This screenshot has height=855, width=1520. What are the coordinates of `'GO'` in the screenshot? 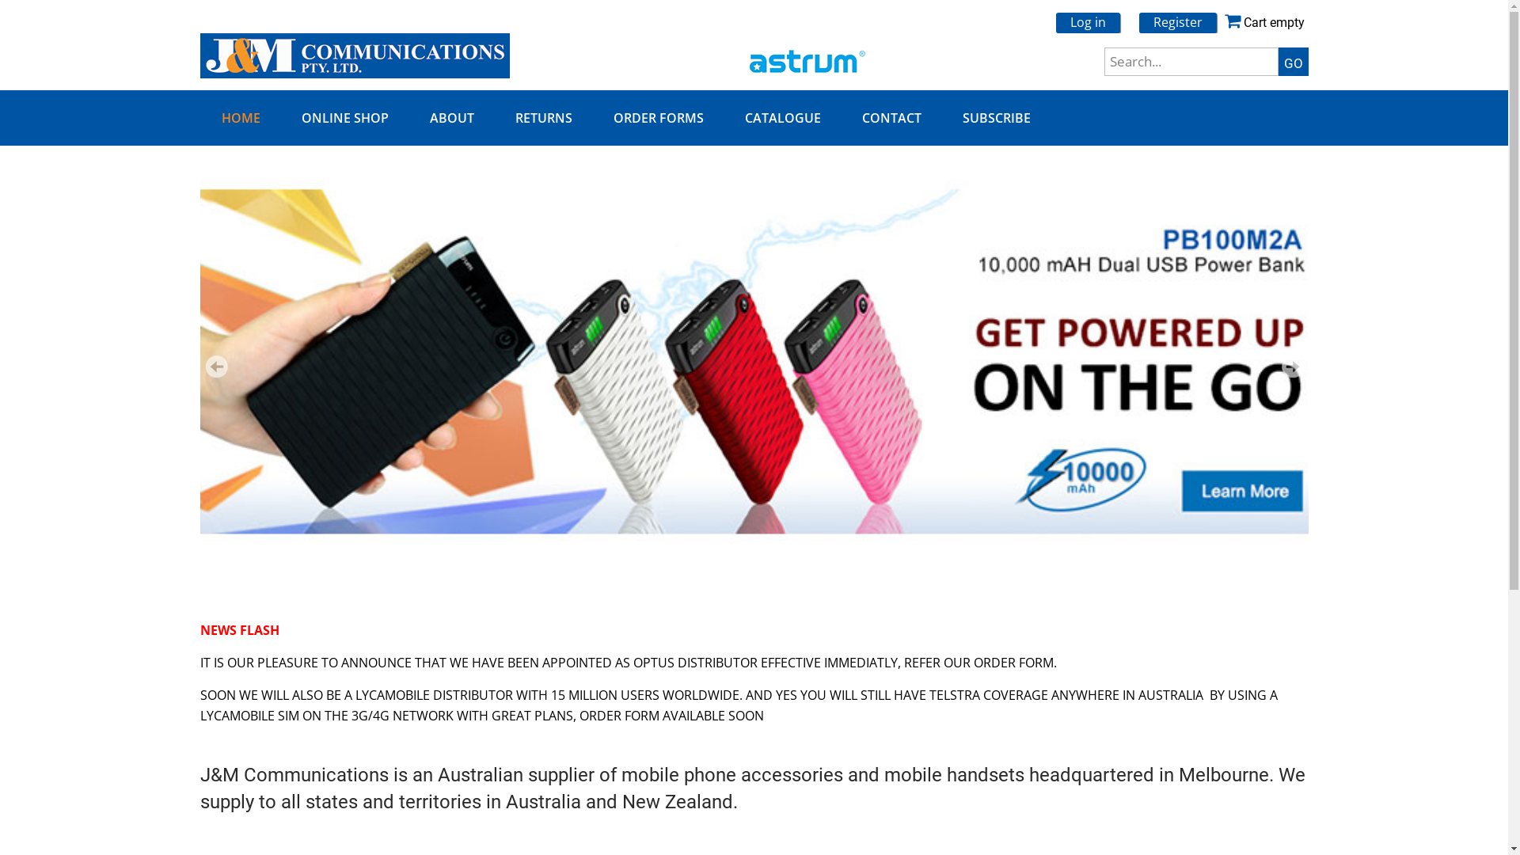 It's located at (1292, 60).